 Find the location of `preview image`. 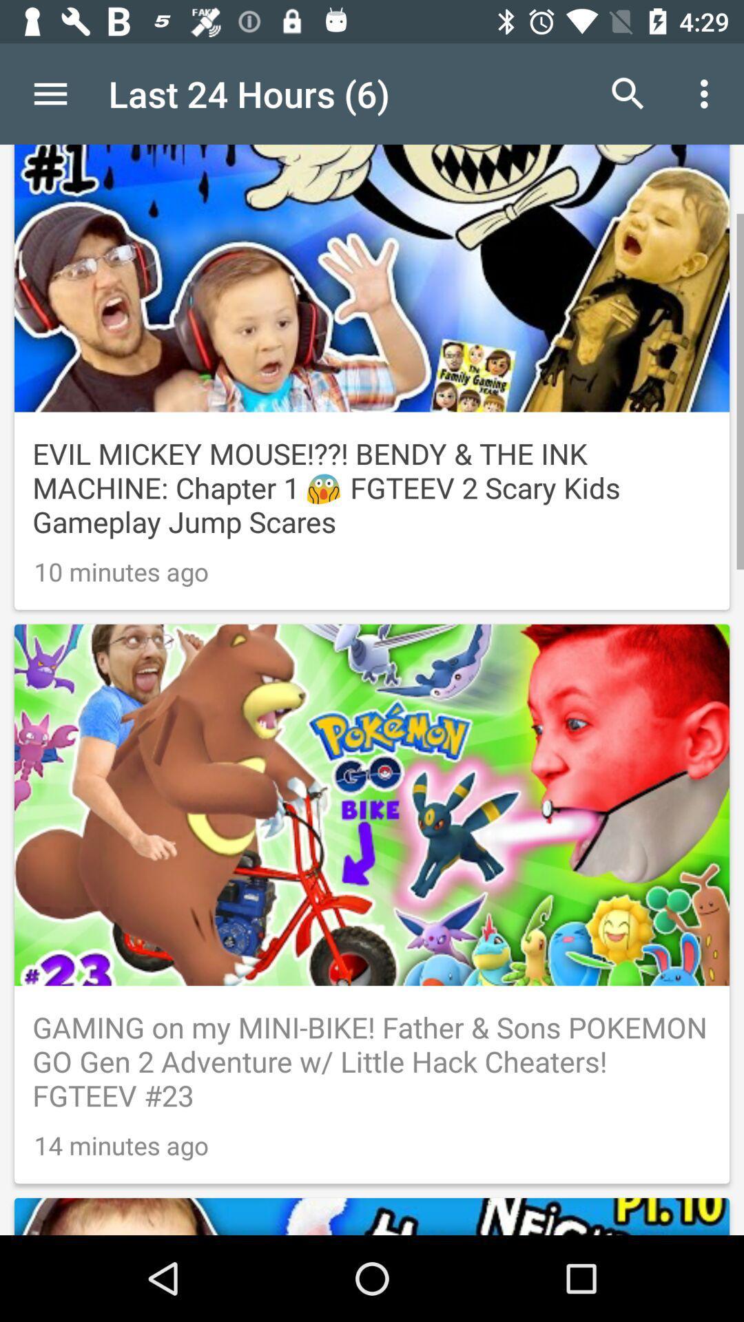

preview image is located at coordinates (372, 1189).